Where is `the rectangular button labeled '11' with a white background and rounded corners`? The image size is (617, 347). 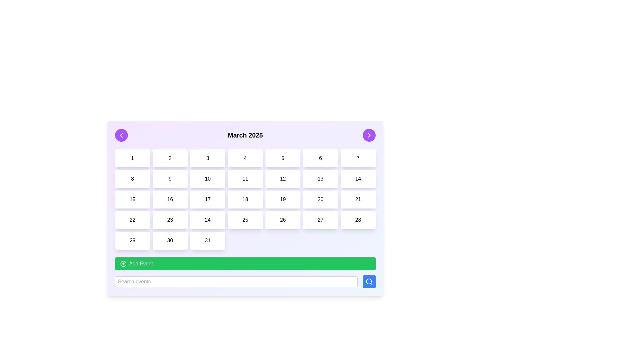 the rectangular button labeled '11' with a white background and rounded corners is located at coordinates (245, 179).